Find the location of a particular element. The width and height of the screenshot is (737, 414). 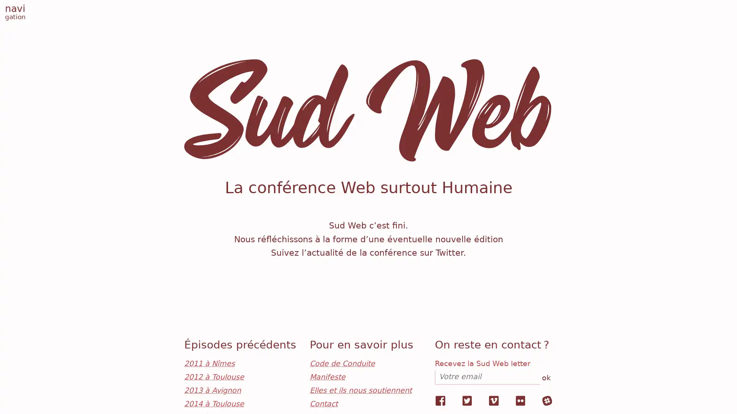

ok is located at coordinates (545, 378).